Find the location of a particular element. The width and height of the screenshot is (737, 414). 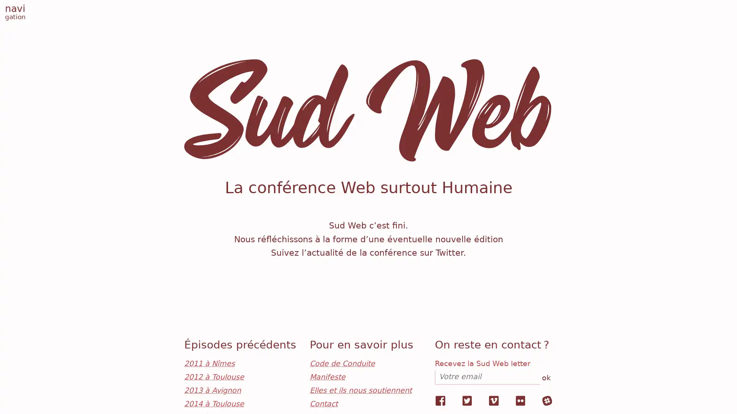

ok is located at coordinates (545, 378).